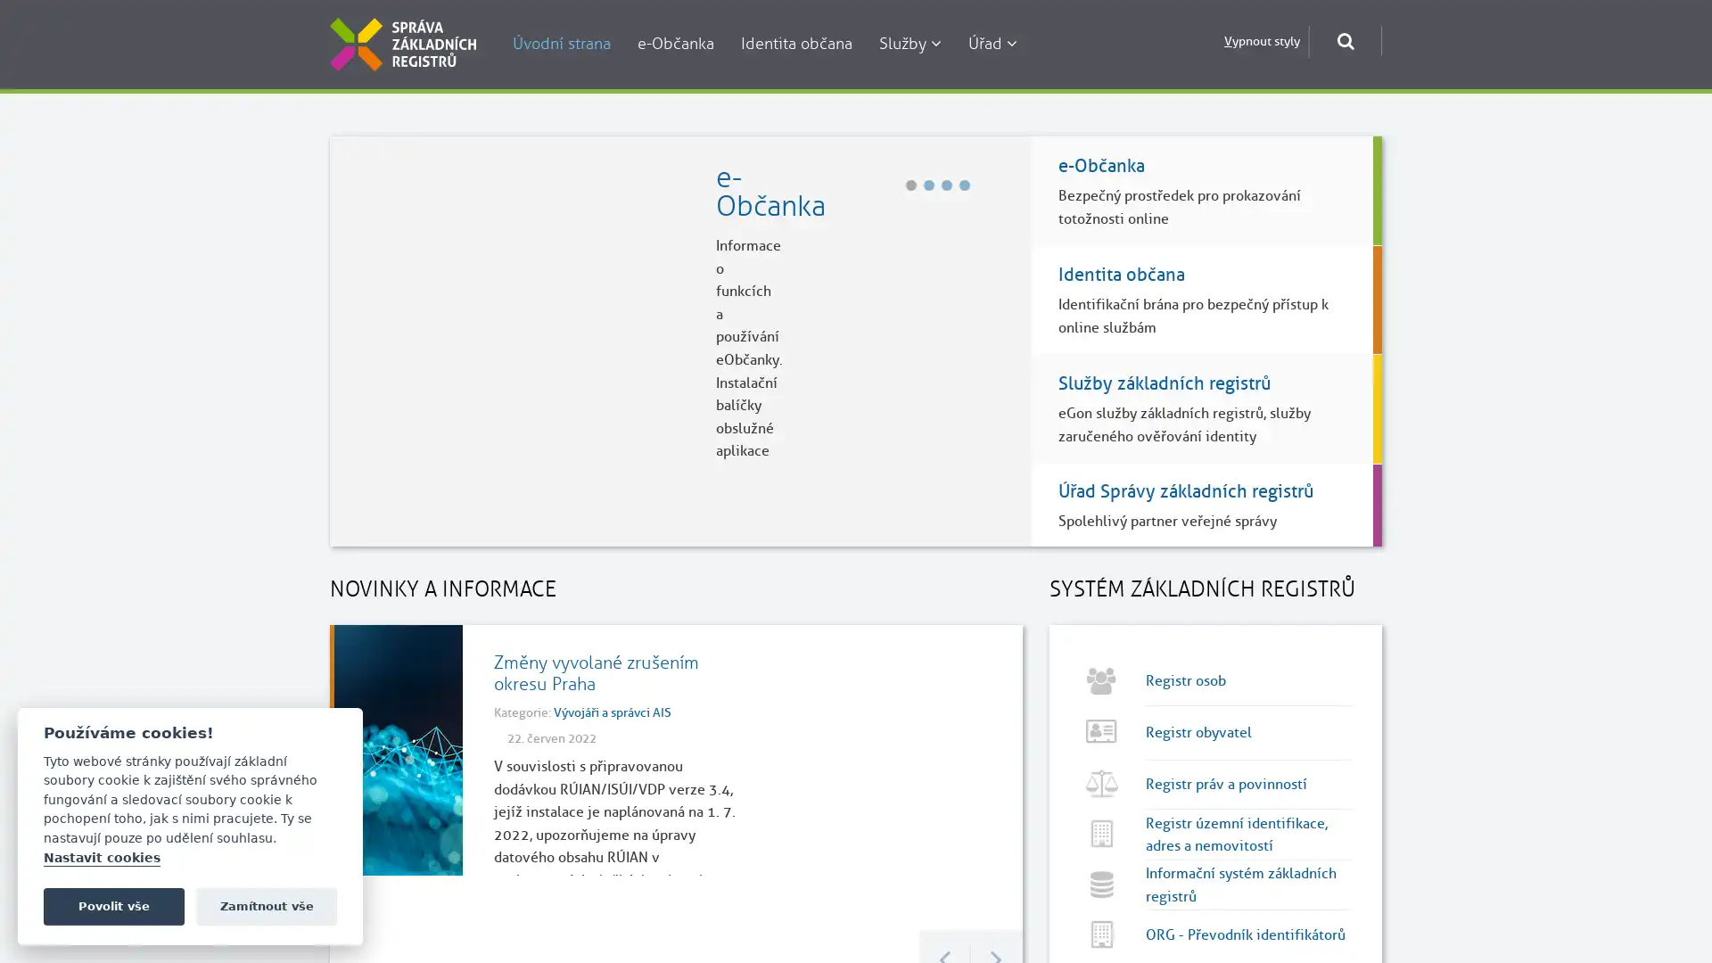 This screenshot has width=1712, height=963. What do you see at coordinates (1345, 40) in the screenshot?
I see `Otevrit okno pro vyhledavani` at bounding box center [1345, 40].